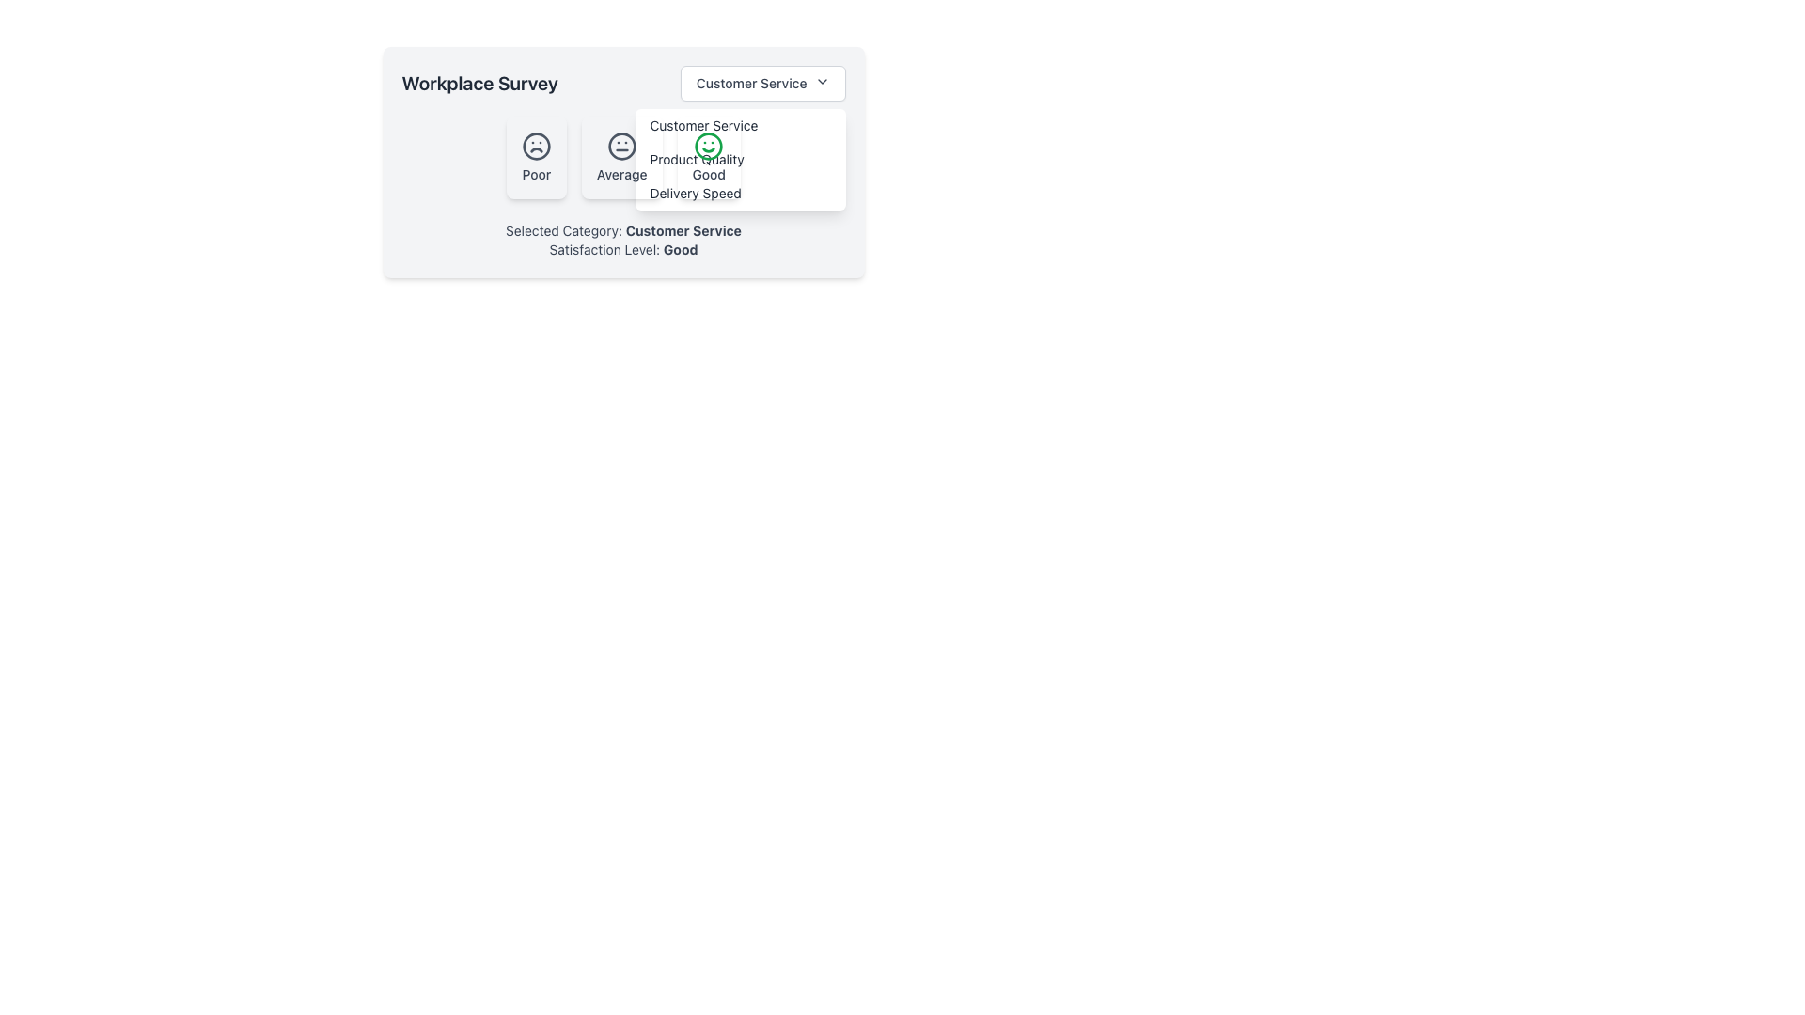 Image resolution: width=1805 pixels, height=1015 pixels. I want to click on the text label indicating 'Poor' feedback, which is located below the first feedback option in a selectable card layout, so click(535, 174).